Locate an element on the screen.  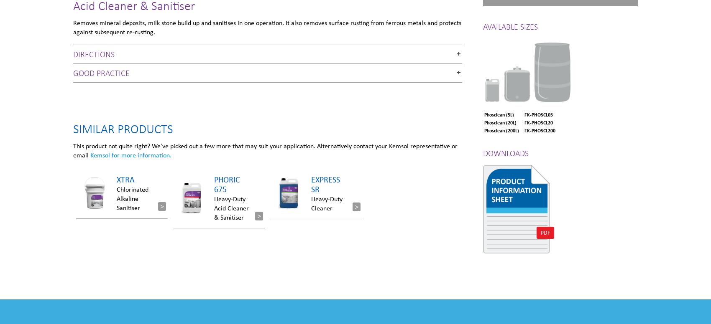
'Phosclean (20L)' is located at coordinates (500, 122).